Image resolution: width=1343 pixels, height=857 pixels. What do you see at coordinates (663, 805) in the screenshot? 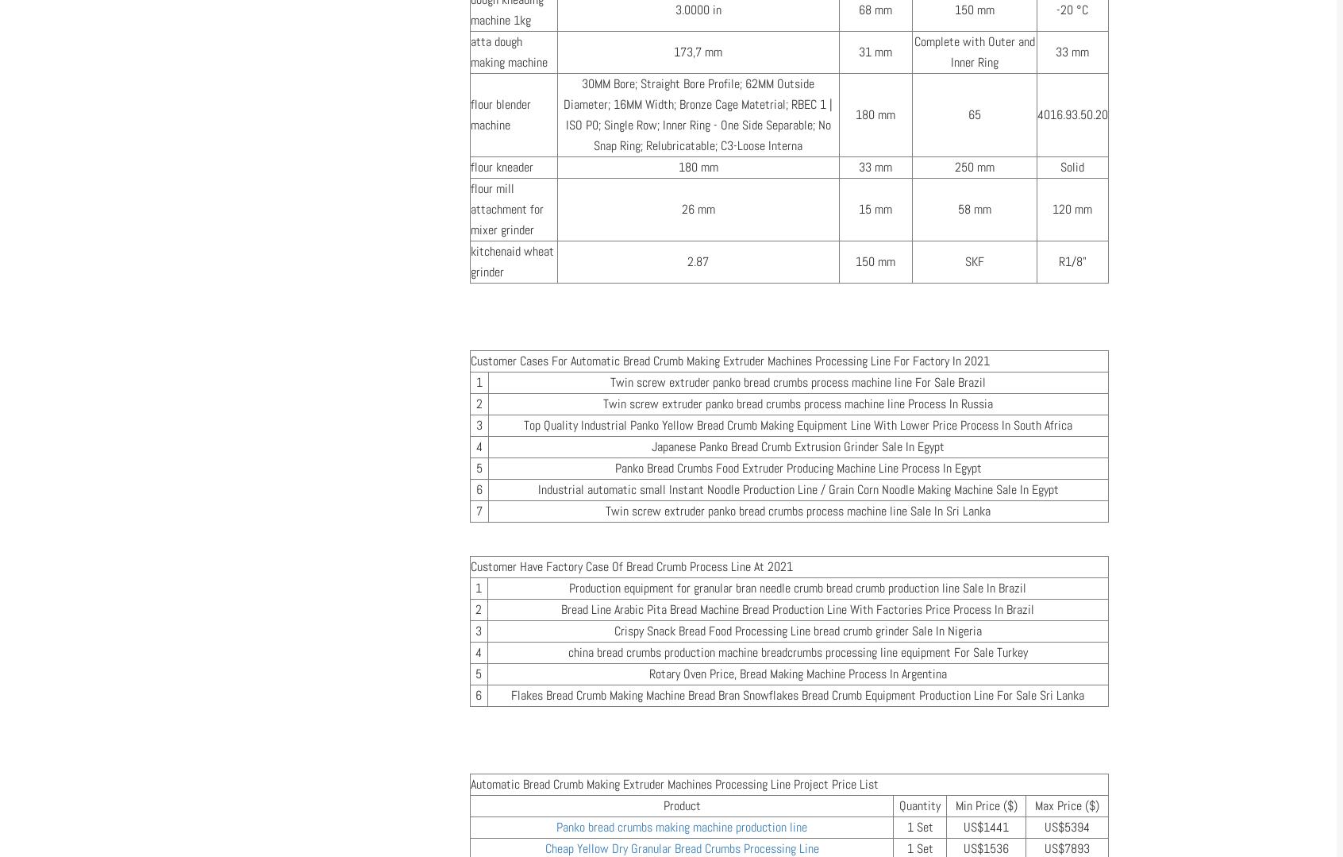
I see `'Product'` at bounding box center [663, 805].